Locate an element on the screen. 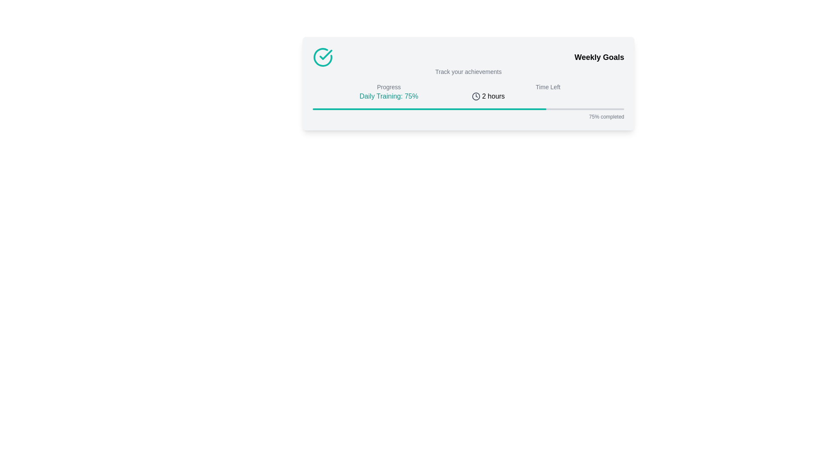 The height and width of the screenshot is (459, 817). the Static Text Label that indicates the remaining time, which is positioned directly above the '2 hours' text in the weekly goals progress section is located at coordinates (548, 87).